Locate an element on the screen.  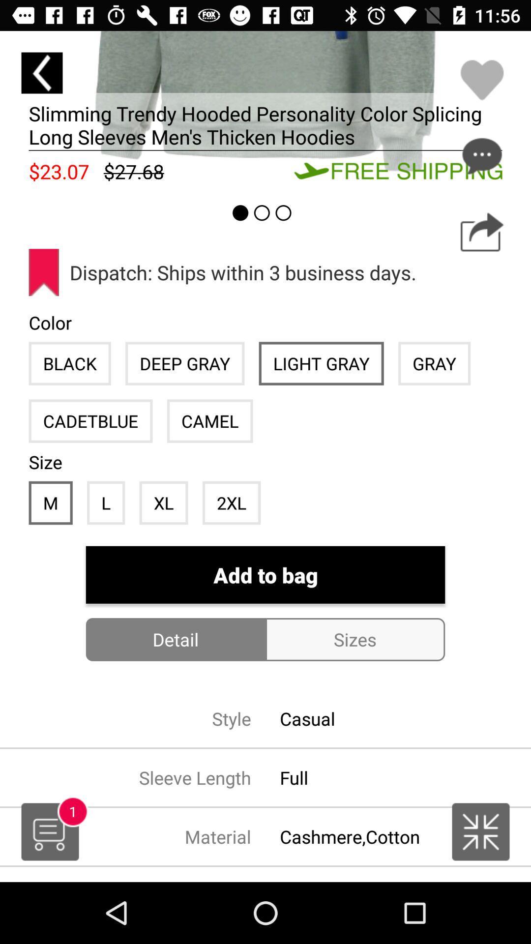
the share icon is located at coordinates (481, 232).